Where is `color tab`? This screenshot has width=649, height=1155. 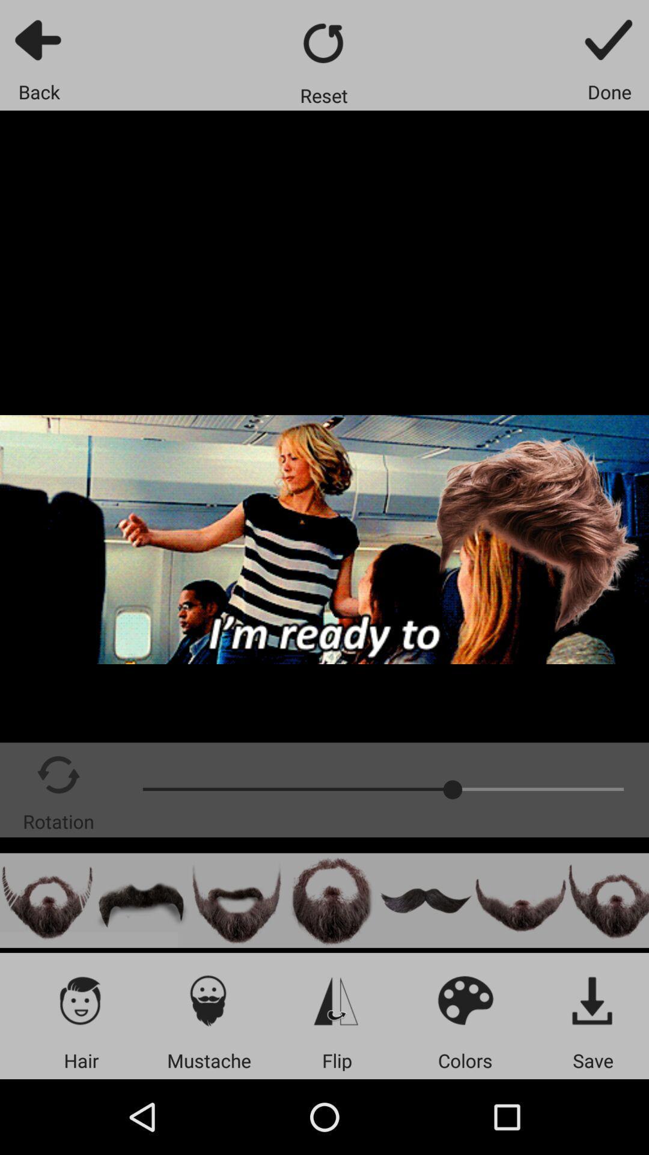
color tab is located at coordinates (465, 1000).